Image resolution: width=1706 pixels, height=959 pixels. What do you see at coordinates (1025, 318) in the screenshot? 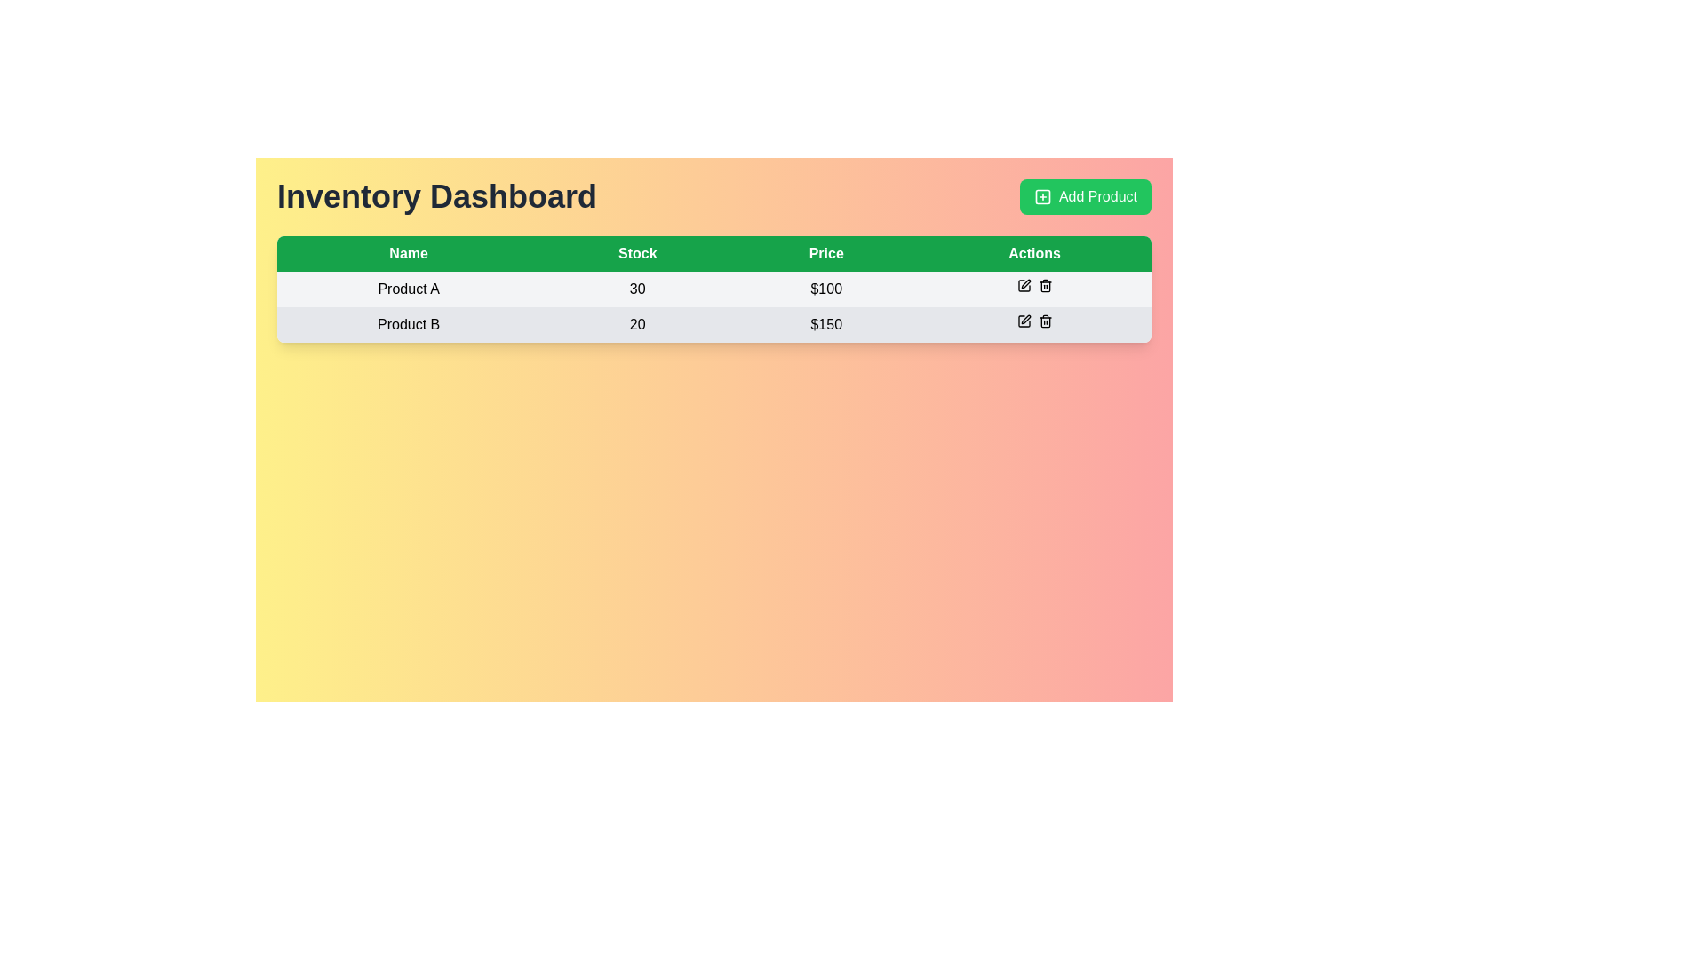
I see `the edit action icon represented by a pen and square in the second row of the table under the 'Actions' column` at bounding box center [1025, 318].